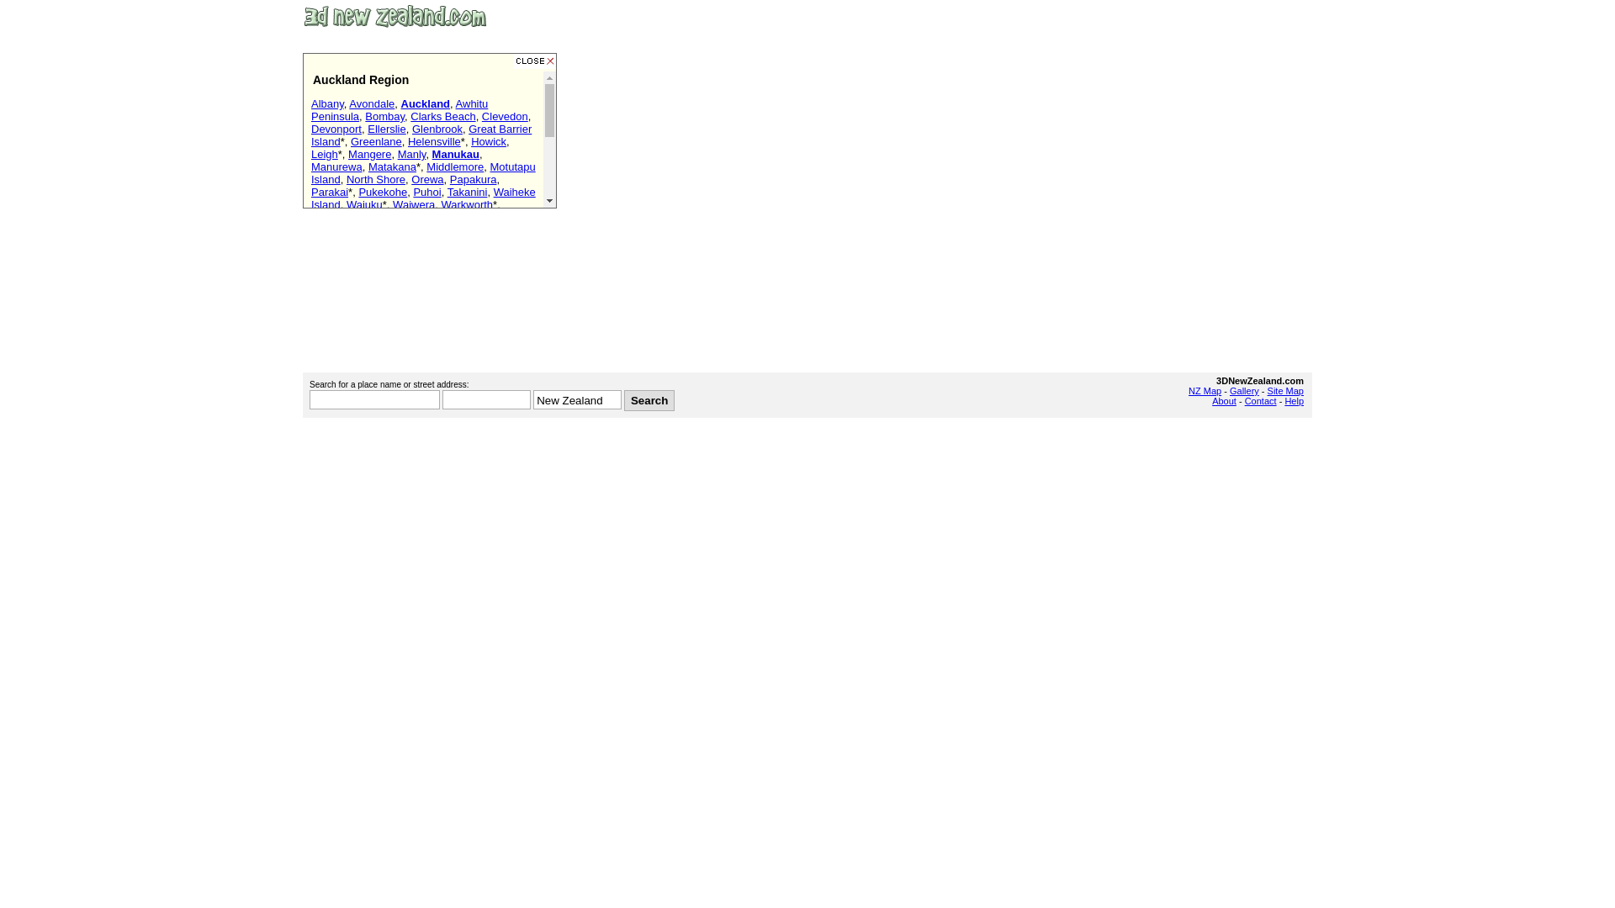 This screenshot has height=908, width=1615. Describe the element at coordinates (534, 61) in the screenshot. I see `'Close this window'` at that location.